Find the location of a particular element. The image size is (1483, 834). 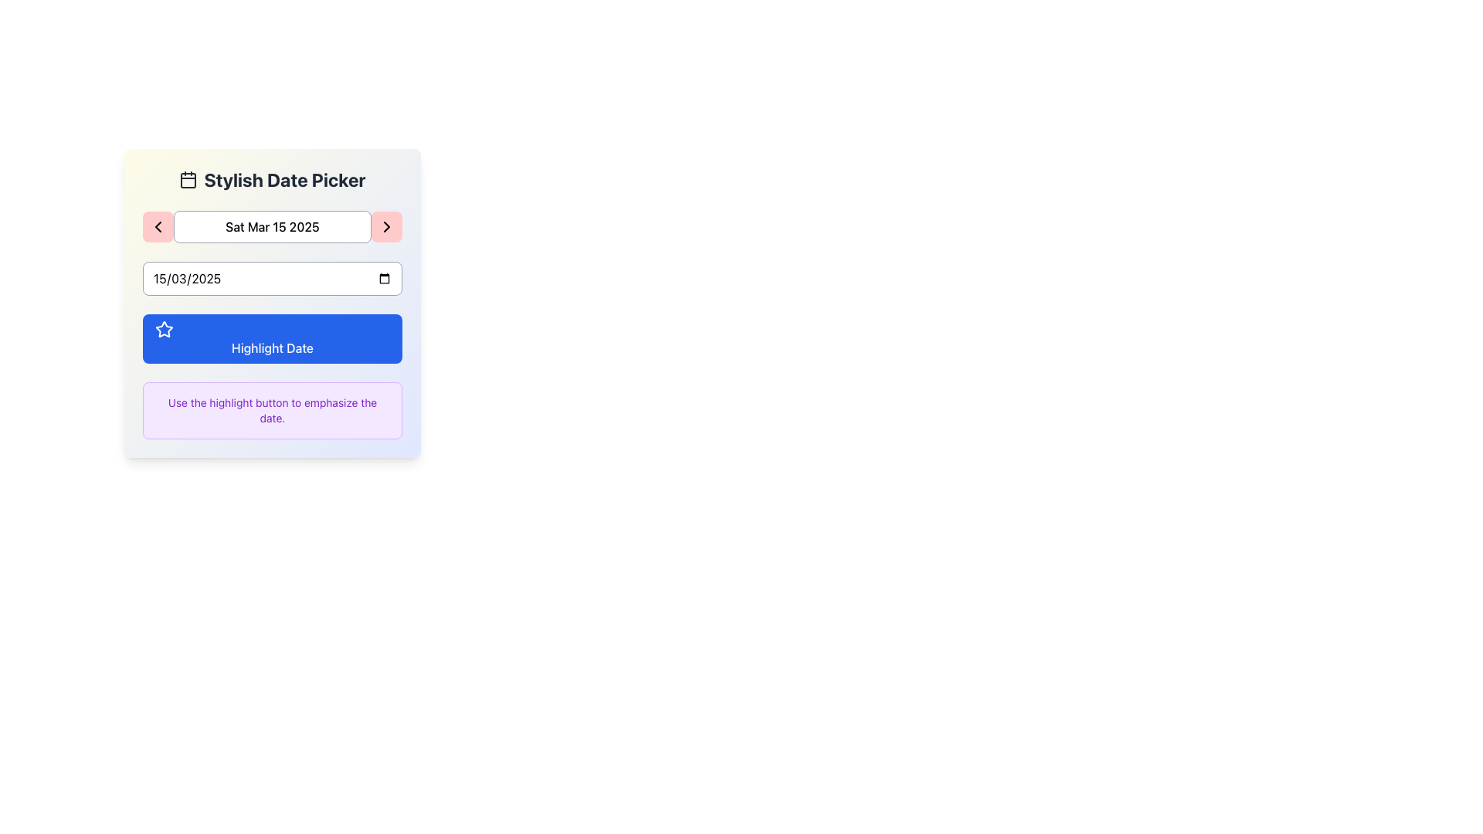

the navigation button located to the left of the date display in the date picker interface is located at coordinates (158, 226).